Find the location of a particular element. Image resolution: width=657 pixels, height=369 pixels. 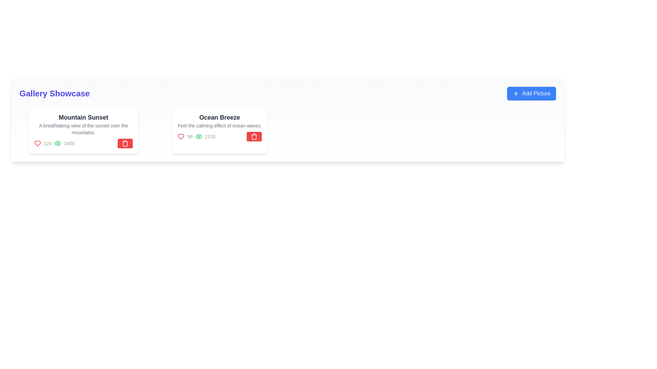

the large bold text label displaying 'Gallery Showcase' in deep indigo located at the top-left corner of the page header is located at coordinates (54, 93).